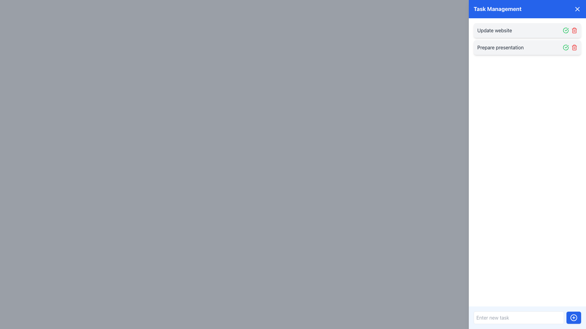  What do you see at coordinates (500, 47) in the screenshot?
I see `the static text label displaying the title 'Prepare presentation', which is the second task item in the list below 'Update website'` at bounding box center [500, 47].